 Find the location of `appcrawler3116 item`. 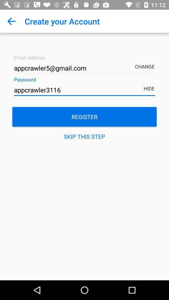

appcrawler3116 item is located at coordinates (84, 90).